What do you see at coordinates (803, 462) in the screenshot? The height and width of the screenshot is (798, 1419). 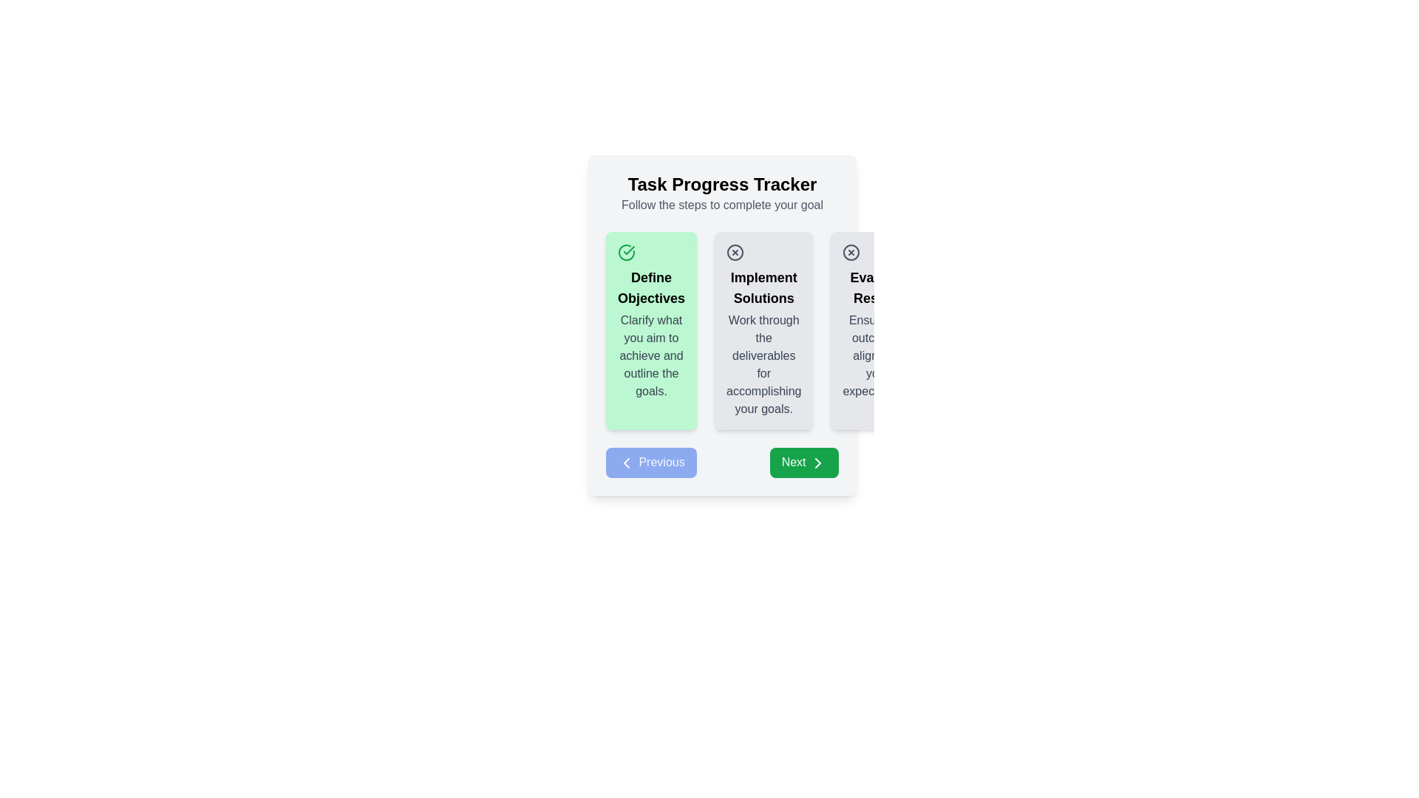 I see `the green rectangular button labeled 'Next'` at bounding box center [803, 462].